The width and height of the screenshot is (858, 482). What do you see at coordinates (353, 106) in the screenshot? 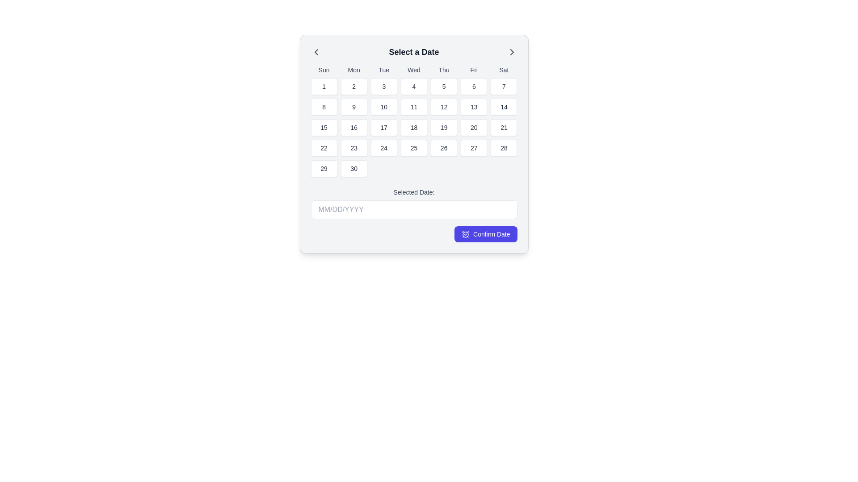
I see `the rectangular button labeled '9' located in the second column and second row of the calendar grid under the 'Mon' header` at bounding box center [353, 106].